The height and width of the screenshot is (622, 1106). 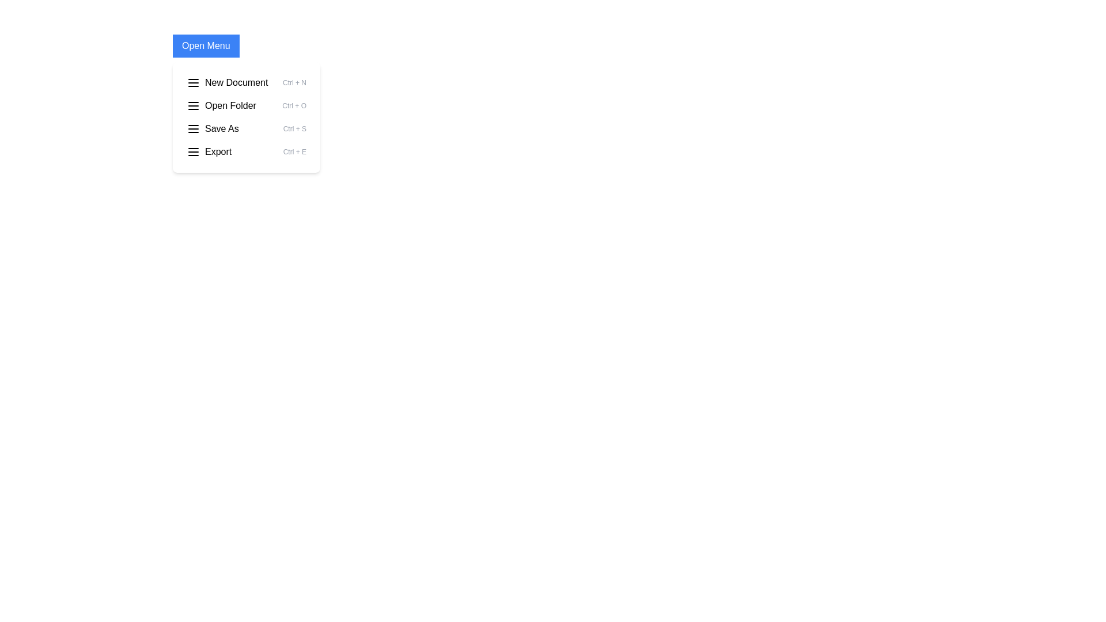 I want to click on to select the 'Open Folder' menu item, which is the second entry in the dropdown menu located beneath 'New Document' and above 'Save As', so click(x=245, y=117).